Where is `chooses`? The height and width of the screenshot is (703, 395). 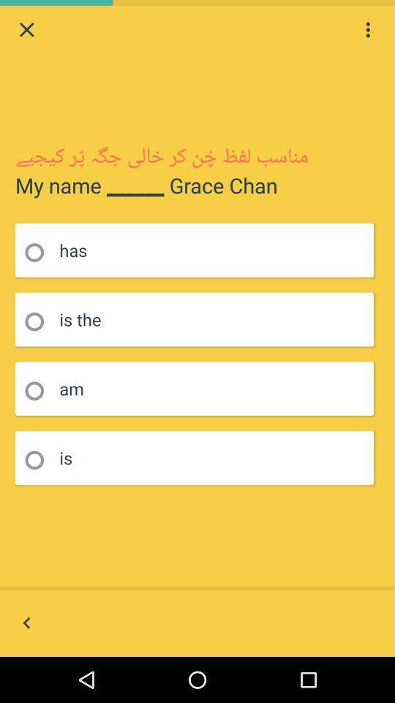 chooses is located at coordinates (39, 459).